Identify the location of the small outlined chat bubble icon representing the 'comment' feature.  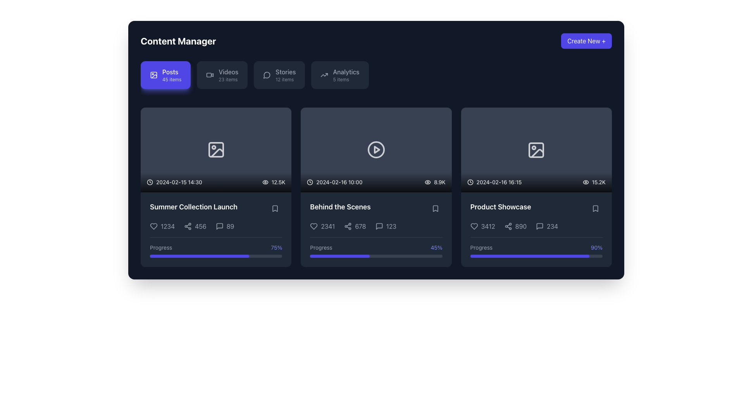
(539, 226).